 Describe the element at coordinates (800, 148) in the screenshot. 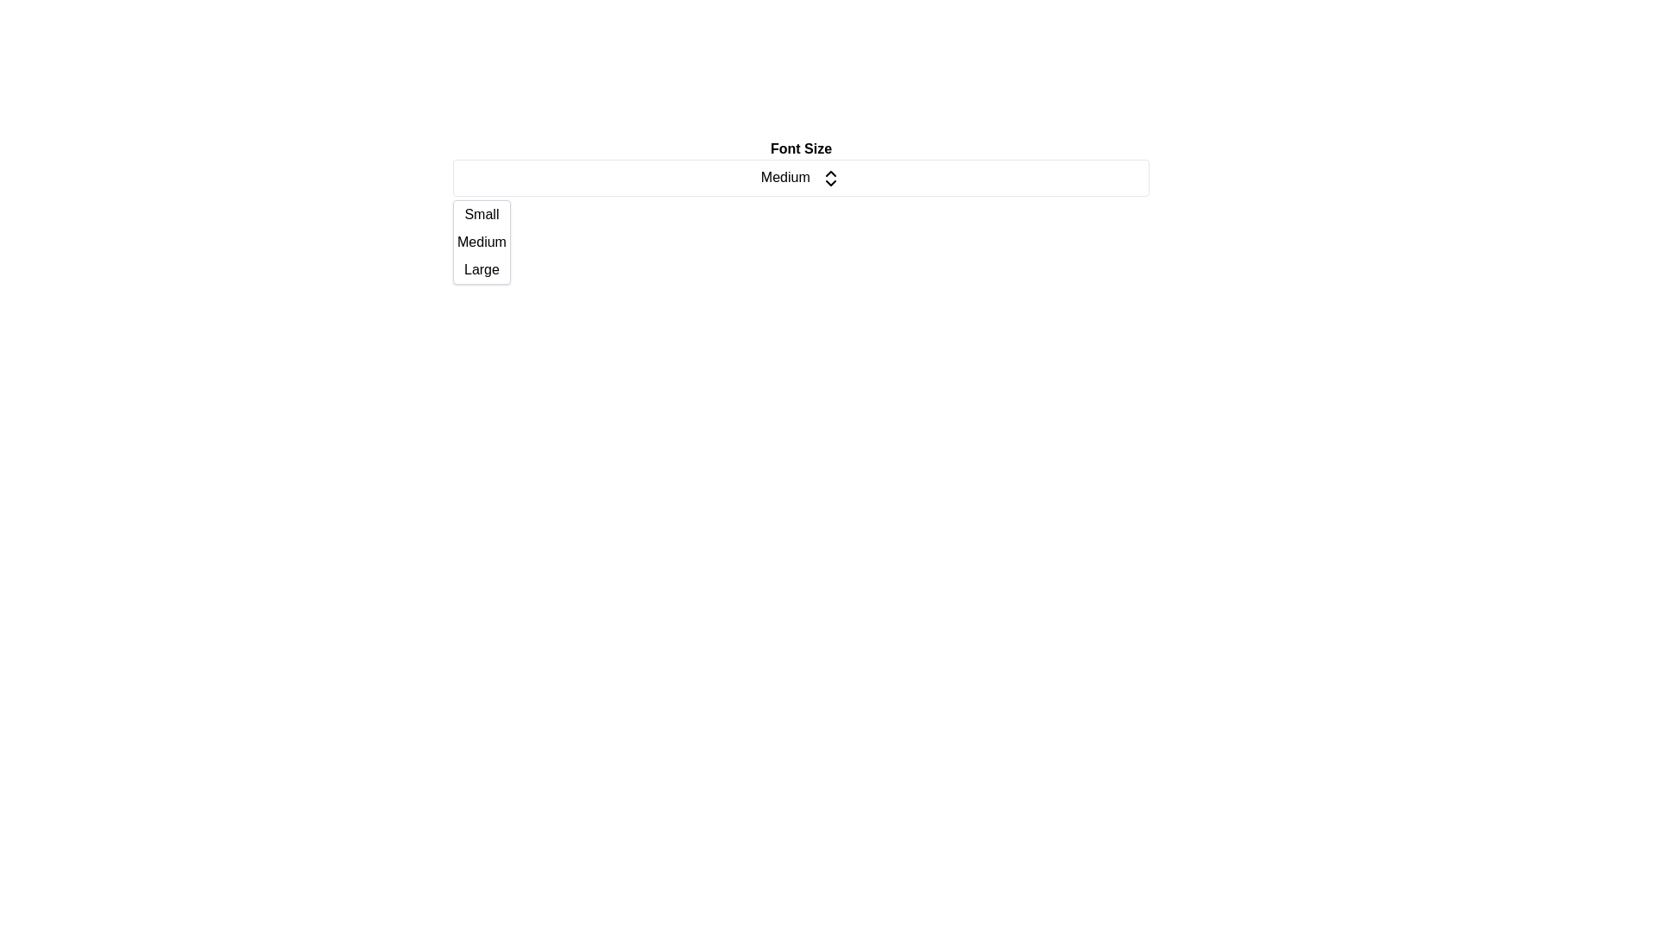

I see `the text label that provides context about the font size selection dropdown, located above the 'Medium' dropdown selector` at that location.